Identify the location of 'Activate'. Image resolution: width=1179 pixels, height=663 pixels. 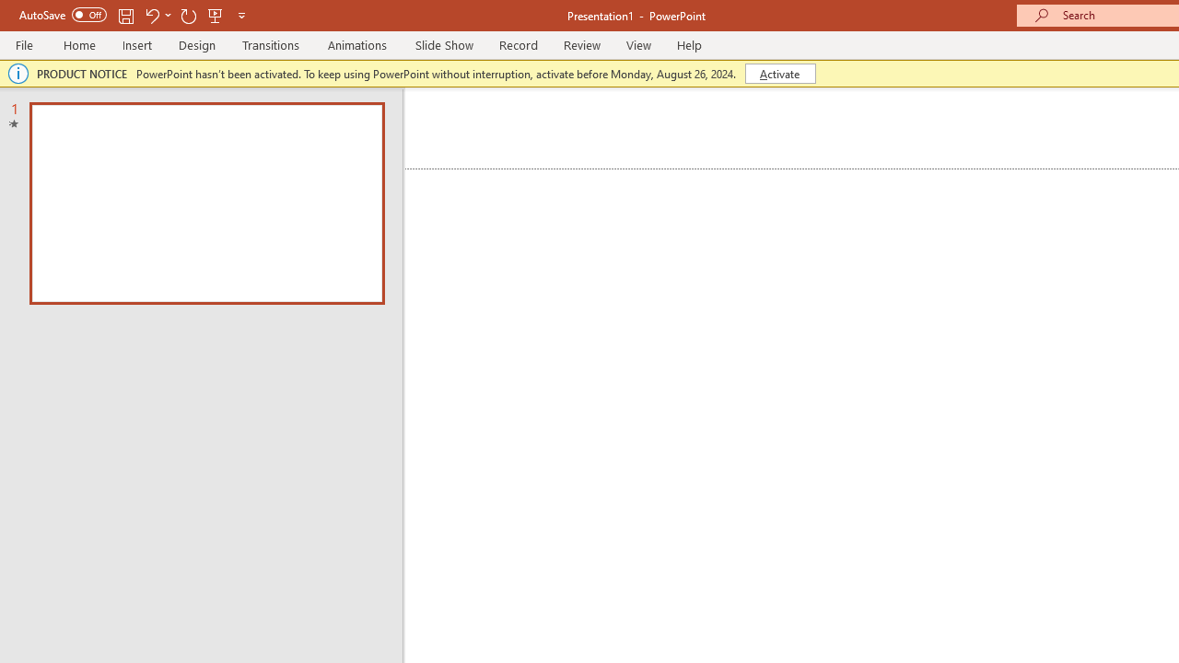
(780, 72).